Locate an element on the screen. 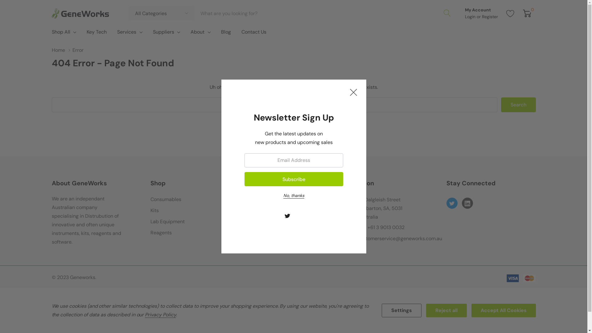 This screenshot has height=333, width=592. 'Home' is located at coordinates (62, 50).